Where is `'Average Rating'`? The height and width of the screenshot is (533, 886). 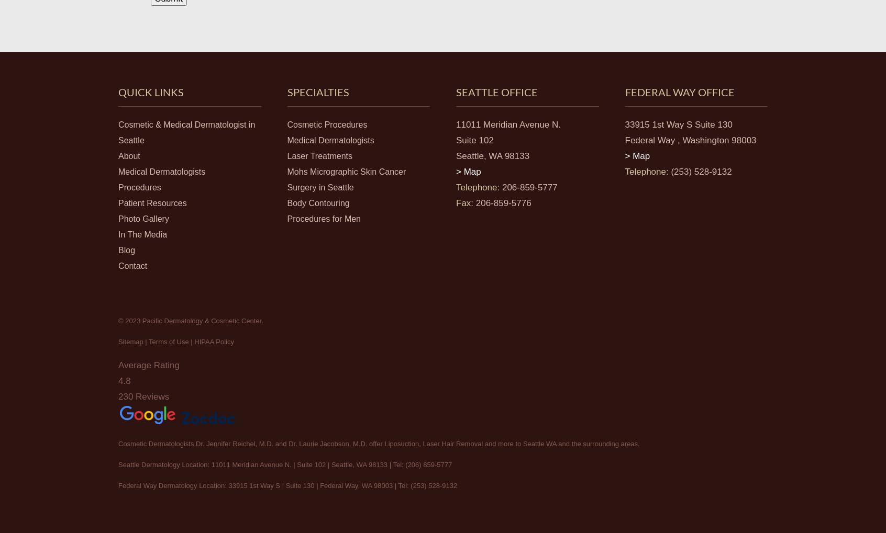
'Average Rating' is located at coordinates (148, 365).